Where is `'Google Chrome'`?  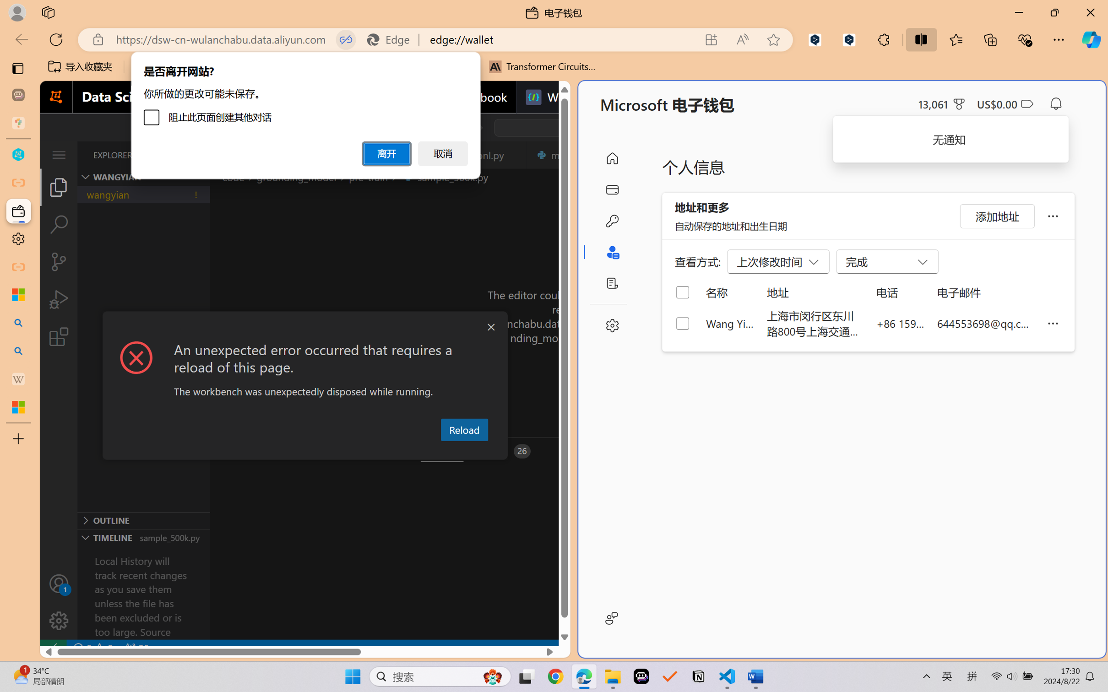
'Google Chrome' is located at coordinates (555, 676).